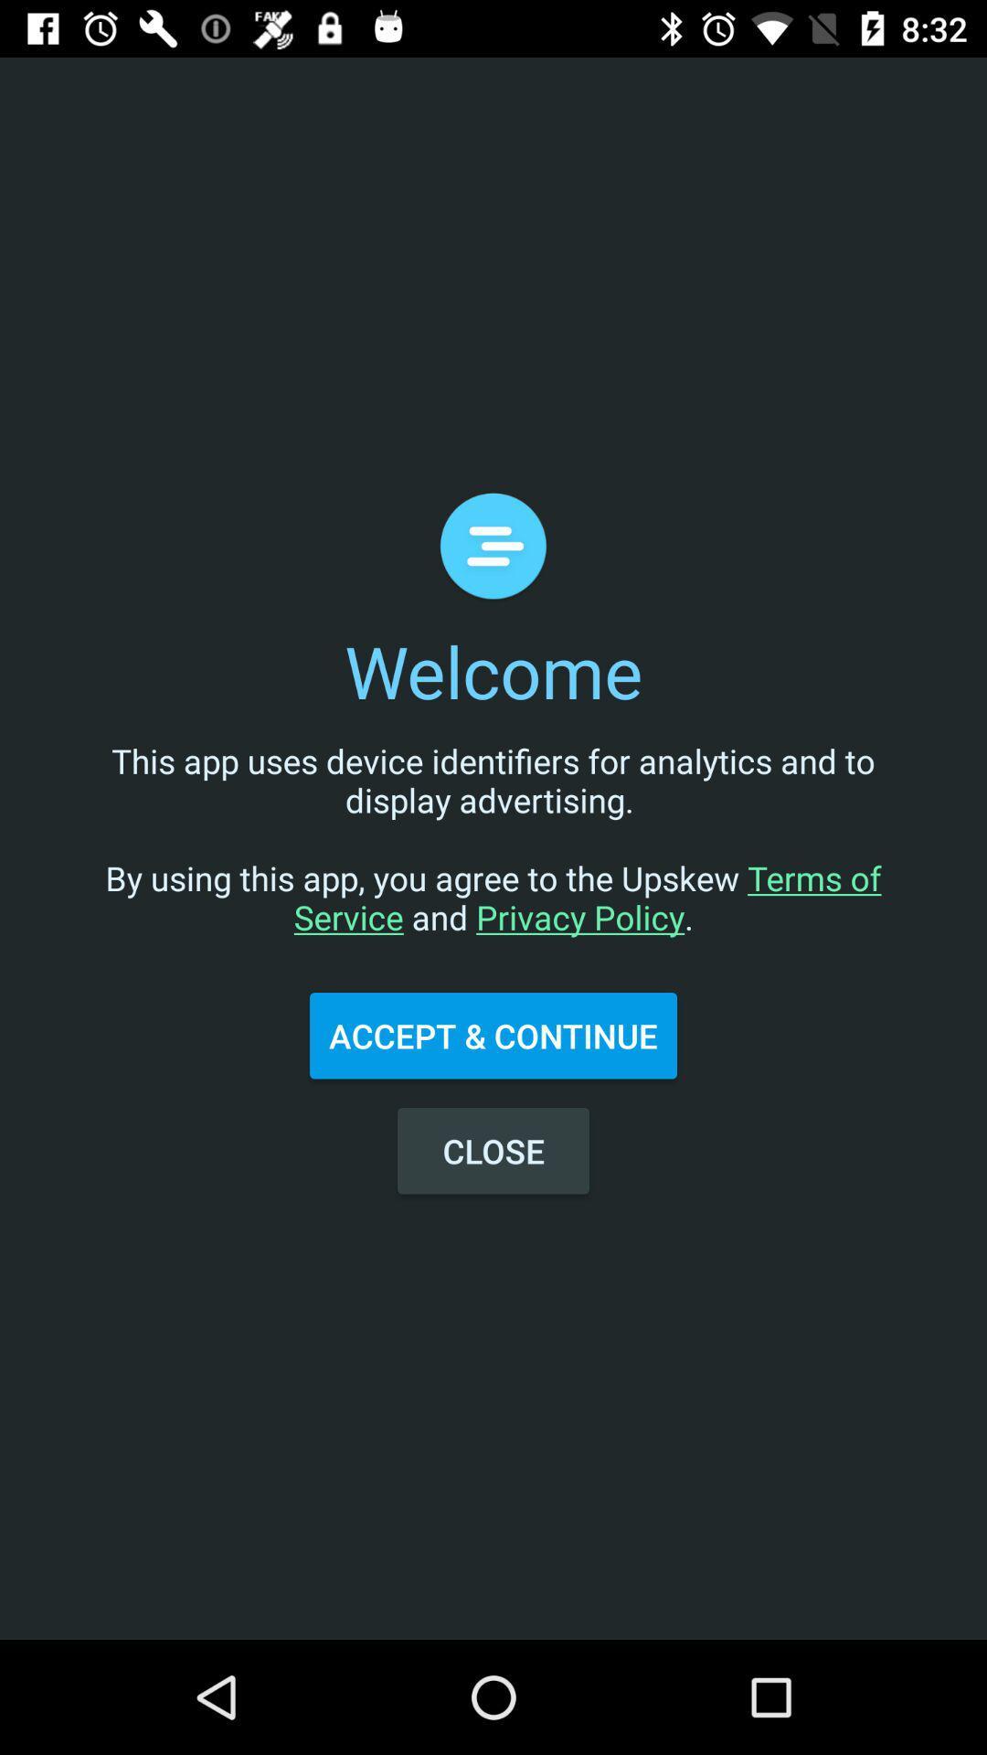 This screenshot has height=1755, width=987. Describe the element at coordinates (493, 857) in the screenshot. I see `the icon below welcome icon` at that location.